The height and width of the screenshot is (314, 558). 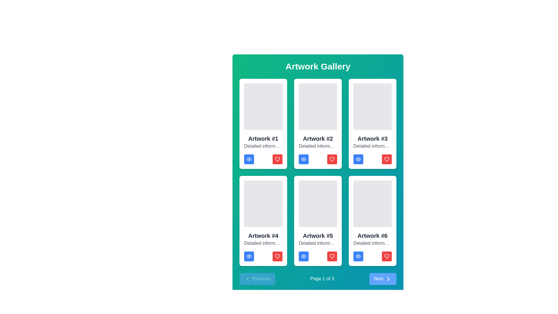 I want to click on text label displaying 'Artwork #1', which is bold and larger in font size, located below an image placeholder in the first card of a grid layout, so click(x=263, y=139).